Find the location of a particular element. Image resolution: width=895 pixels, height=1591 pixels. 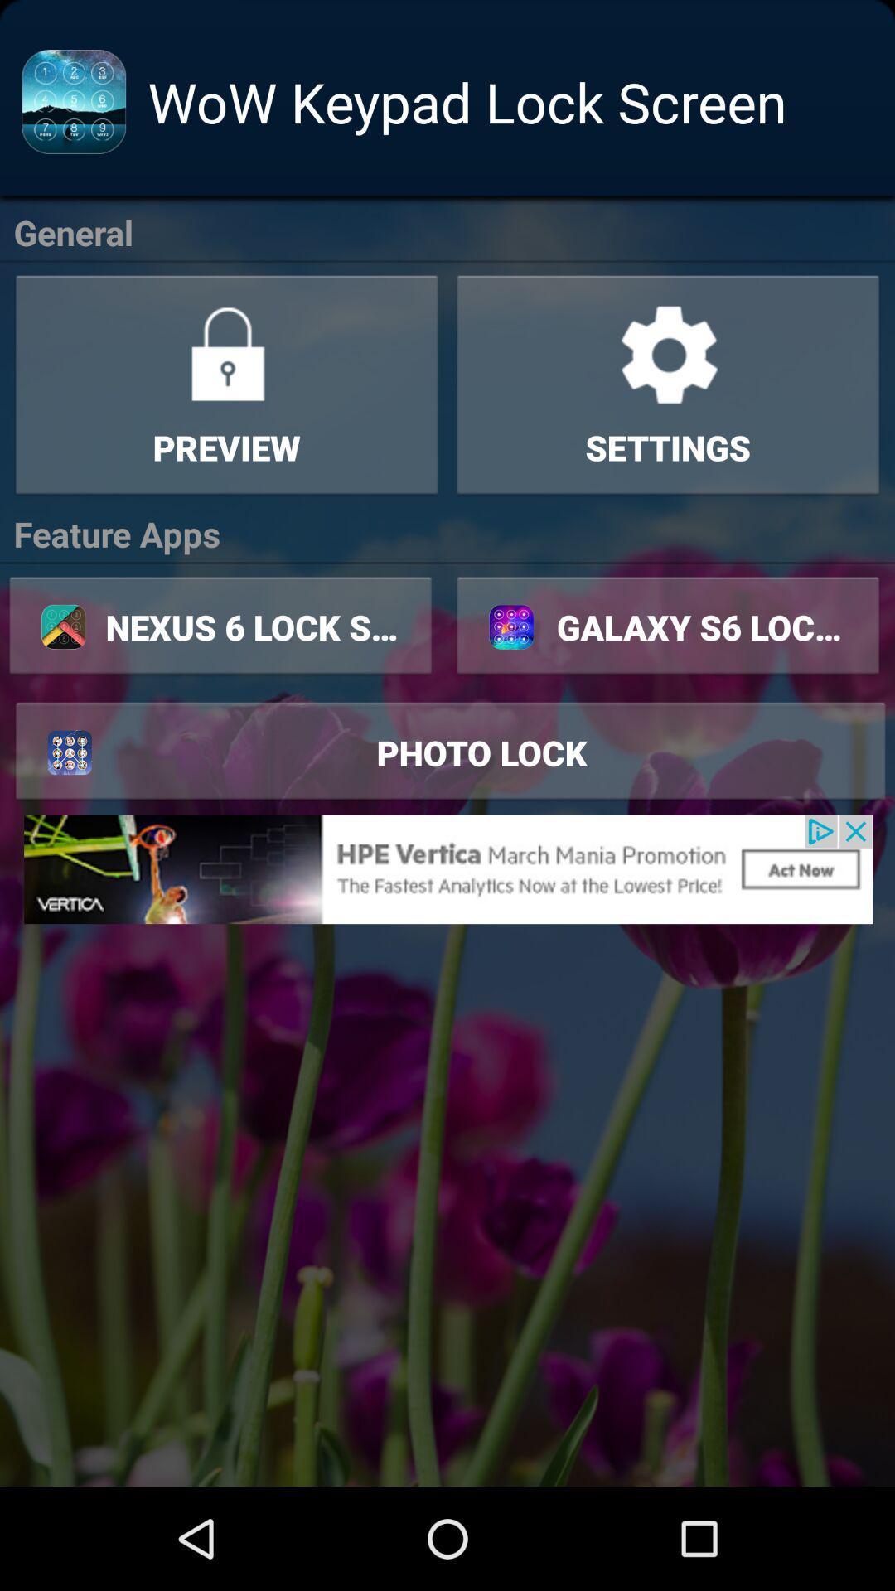

advertisement link is located at coordinates (447, 868).